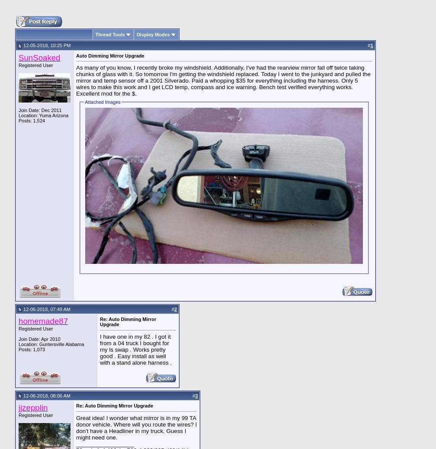  What do you see at coordinates (19, 120) in the screenshot?
I see `'Posts: 1,524'` at bounding box center [19, 120].